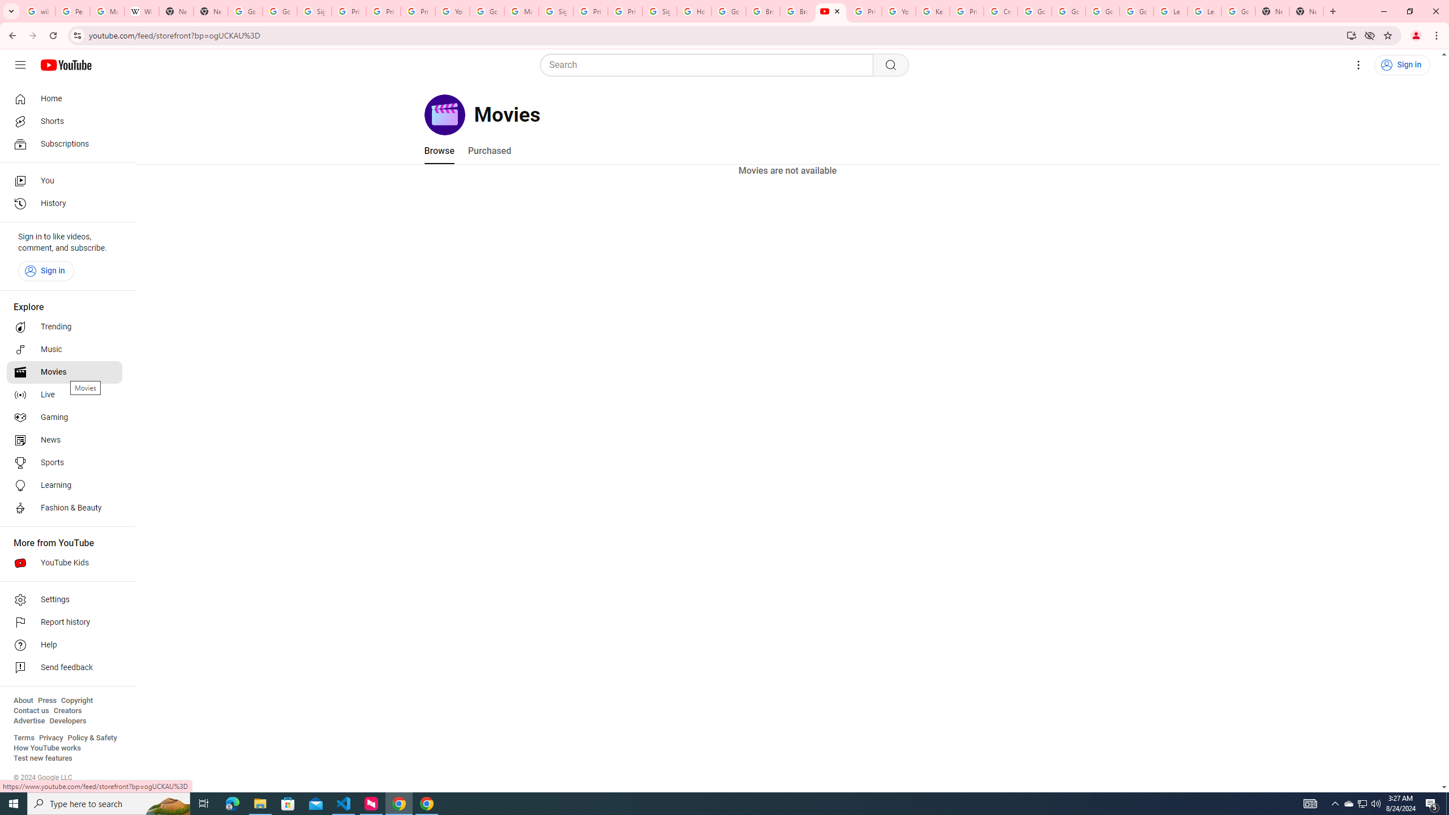 The image size is (1449, 815). Describe the element at coordinates (140, 11) in the screenshot. I see `'Wikipedia:Edit requests - Wikipedia'` at that location.